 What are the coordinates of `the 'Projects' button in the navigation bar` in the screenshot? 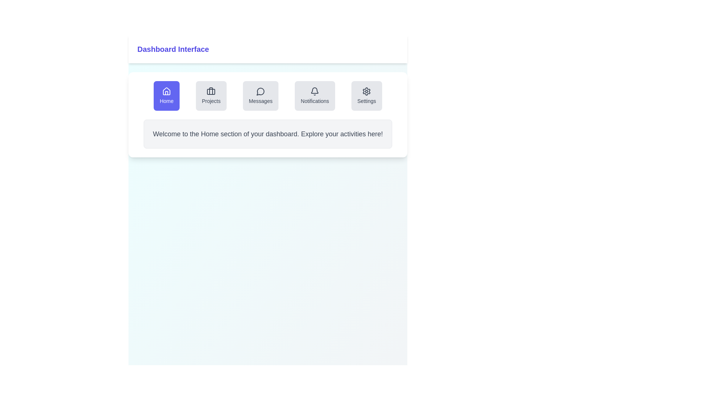 It's located at (211, 101).